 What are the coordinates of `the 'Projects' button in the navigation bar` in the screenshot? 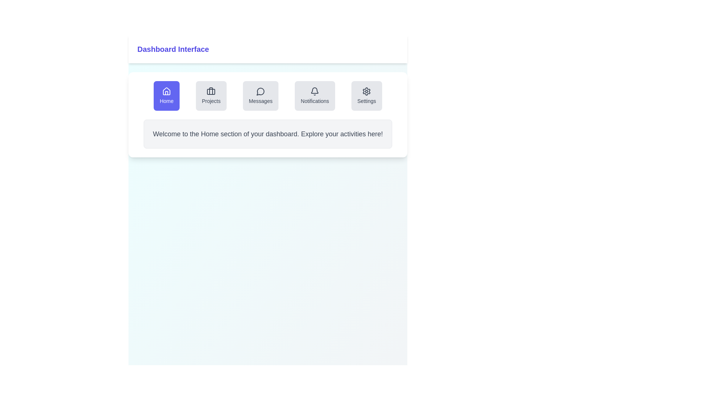 It's located at (211, 101).